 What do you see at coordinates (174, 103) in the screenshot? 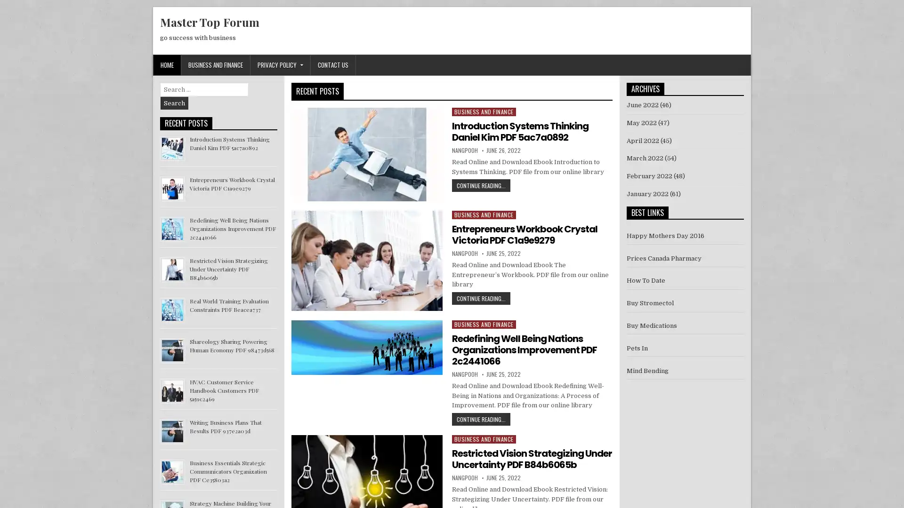
I see `Search` at bounding box center [174, 103].